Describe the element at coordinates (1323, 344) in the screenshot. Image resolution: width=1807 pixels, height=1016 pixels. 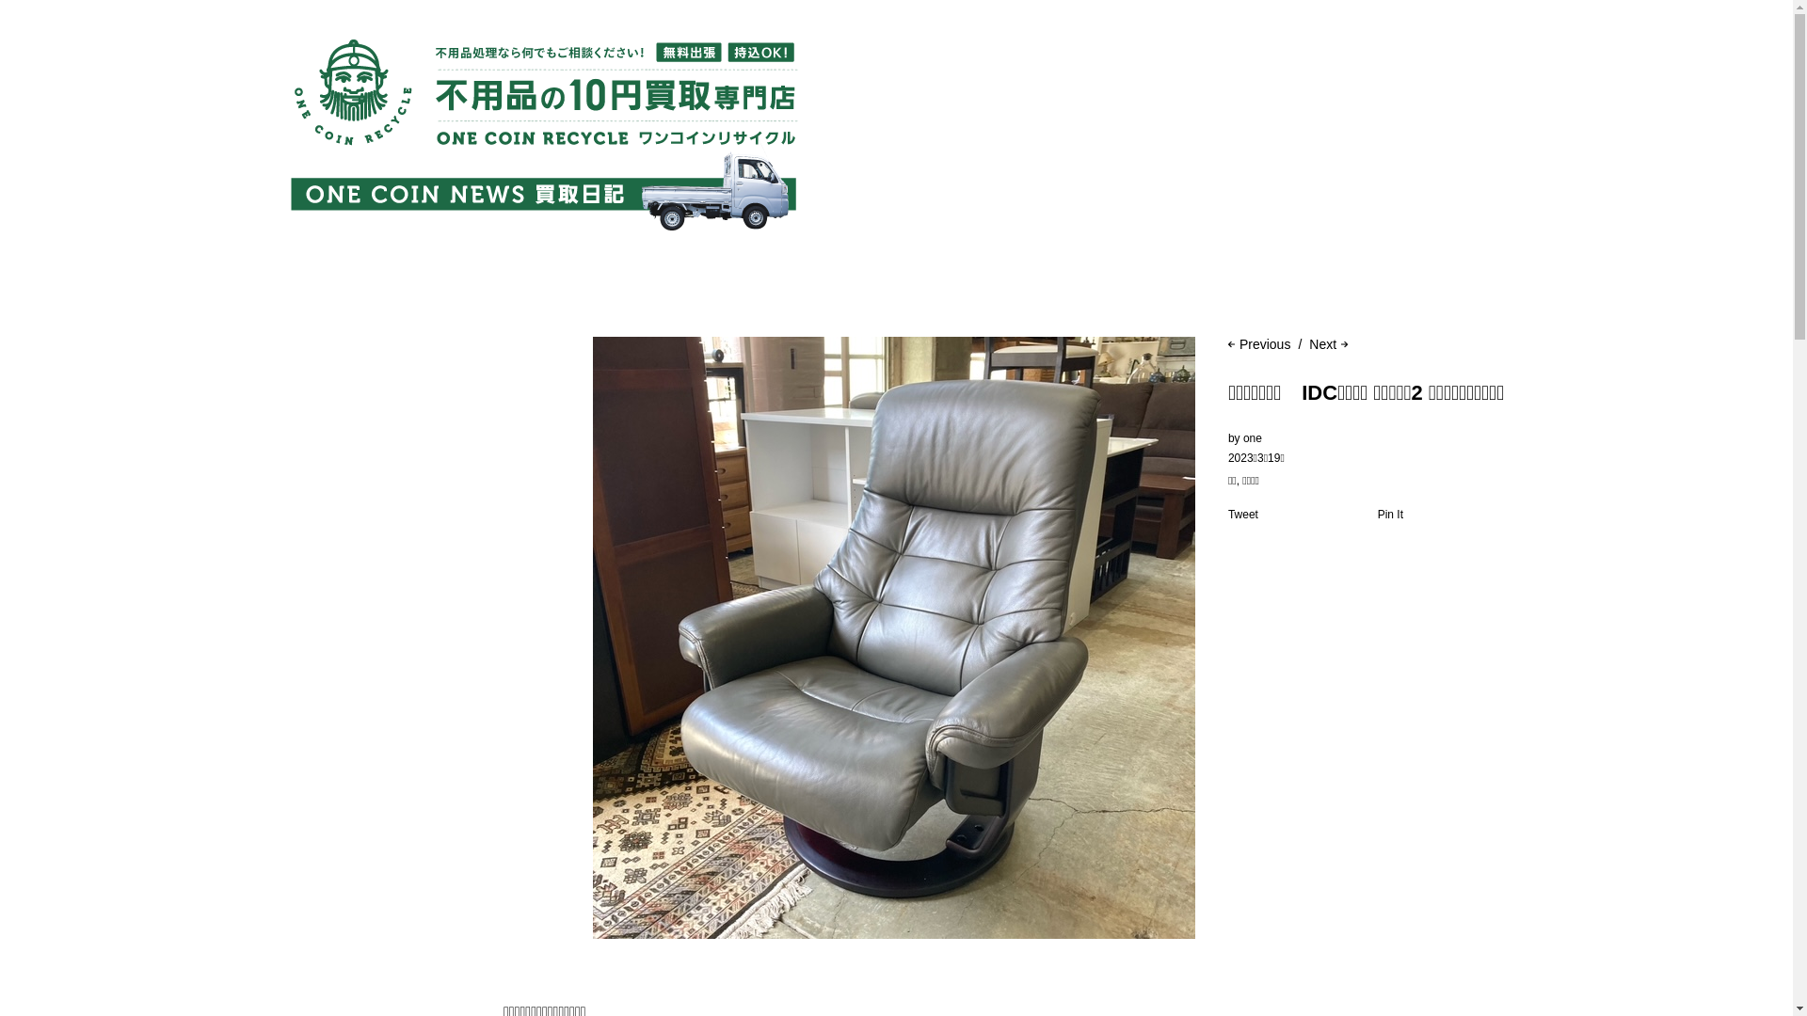
I see `'Next'` at that location.